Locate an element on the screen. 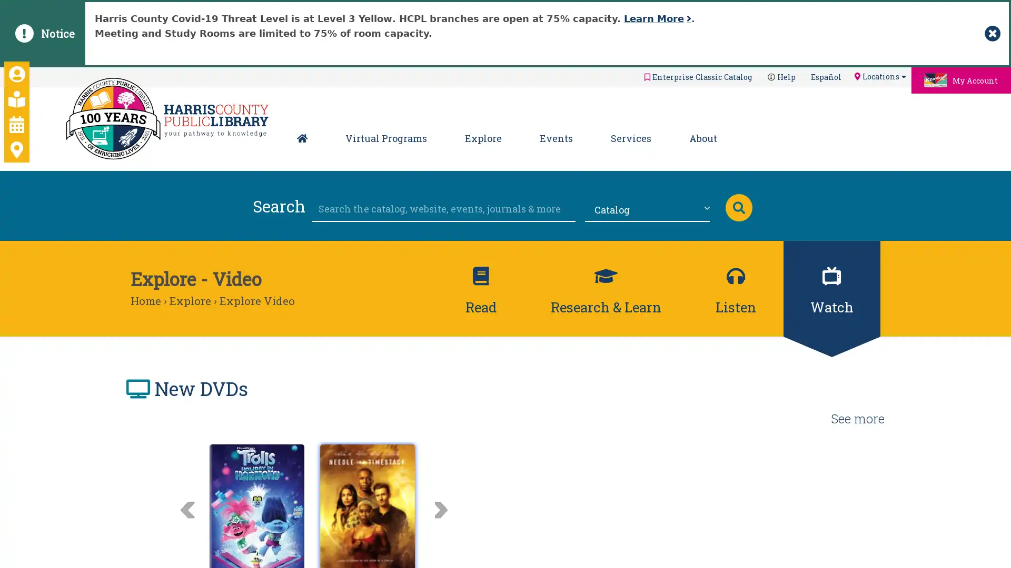  Locations is located at coordinates (879, 76).